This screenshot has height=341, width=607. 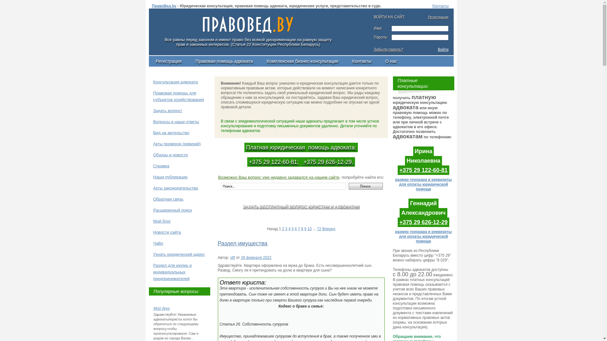 What do you see at coordinates (423, 170) in the screenshot?
I see `'+375 29 122-60-81'` at bounding box center [423, 170].